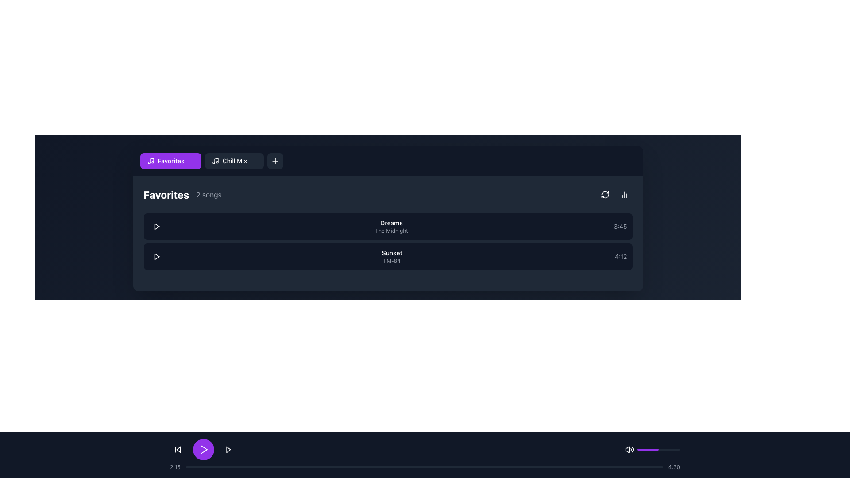 The image size is (850, 478). Describe the element at coordinates (500, 467) in the screenshot. I see `the playback position` at that location.